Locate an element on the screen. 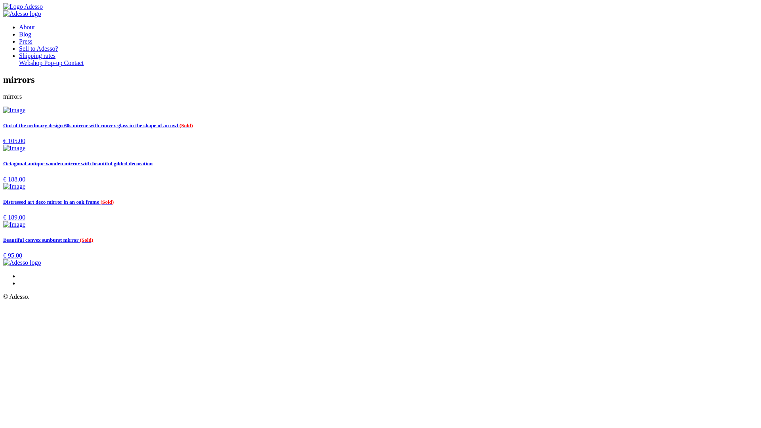 The width and height of the screenshot is (761, 428). 'About' is located at coordinates (27, 27).